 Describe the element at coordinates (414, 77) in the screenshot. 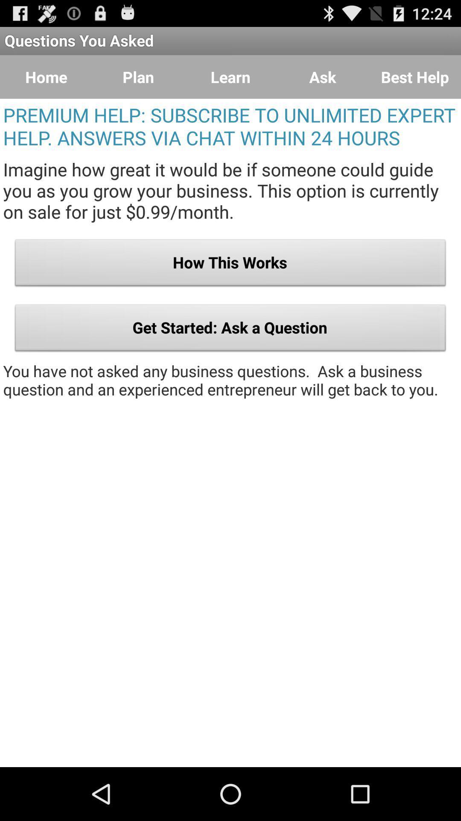

I see `icon below the questions you asked` at that location.